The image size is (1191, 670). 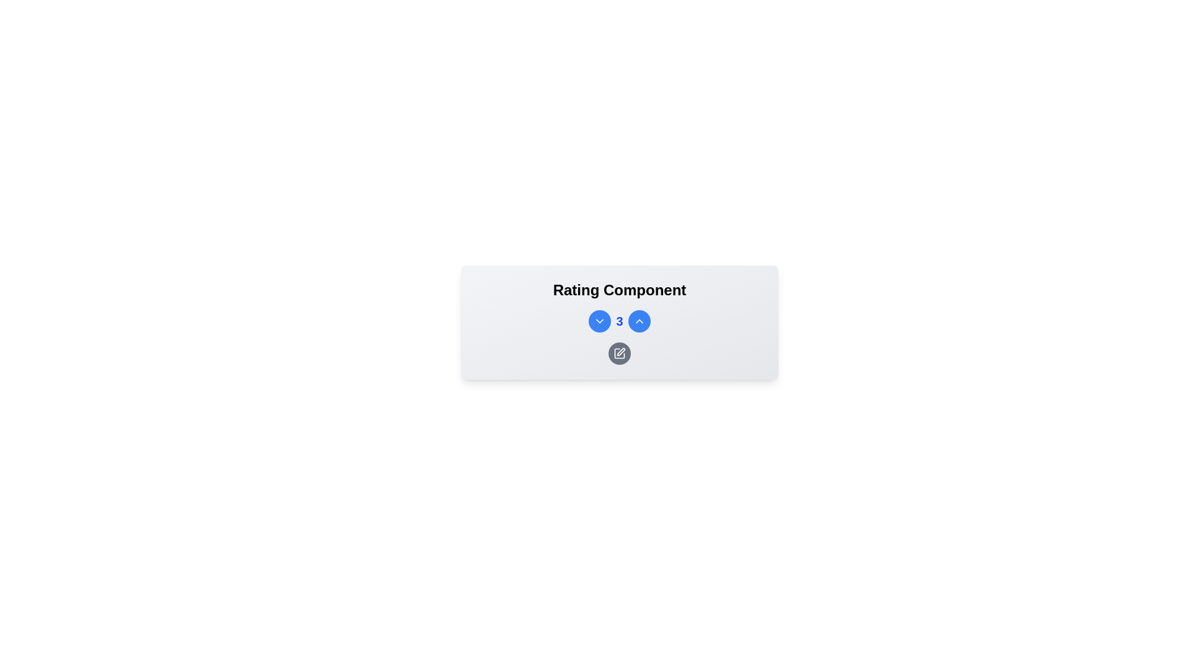 I want to click on the blue, bold digit '3' text display element, which is centrally positioned between the down arrow button and the up arrow button in the UI layout, so click(x=619, y=320).